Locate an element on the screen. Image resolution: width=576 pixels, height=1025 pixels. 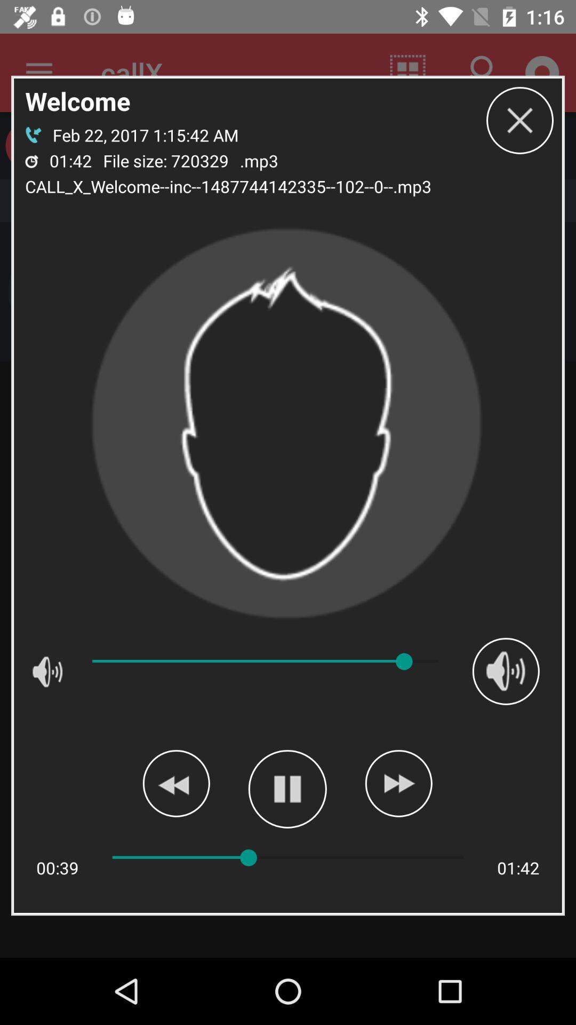
the close icon is located at coordinates (519, 120).